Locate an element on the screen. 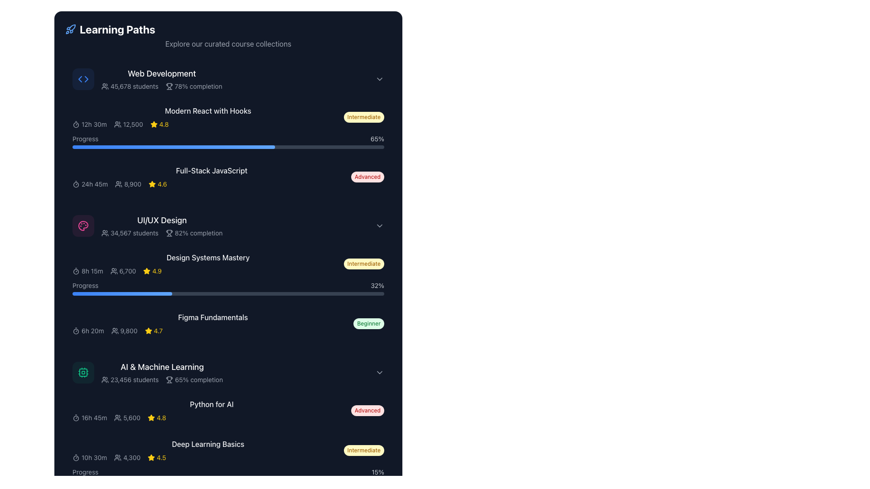  the first course card titled 'Modern React with Hooks' in the 'Learning Paths' section to interact with its sub-elements like the progress bar or rating is located at coordinates (228, 127).